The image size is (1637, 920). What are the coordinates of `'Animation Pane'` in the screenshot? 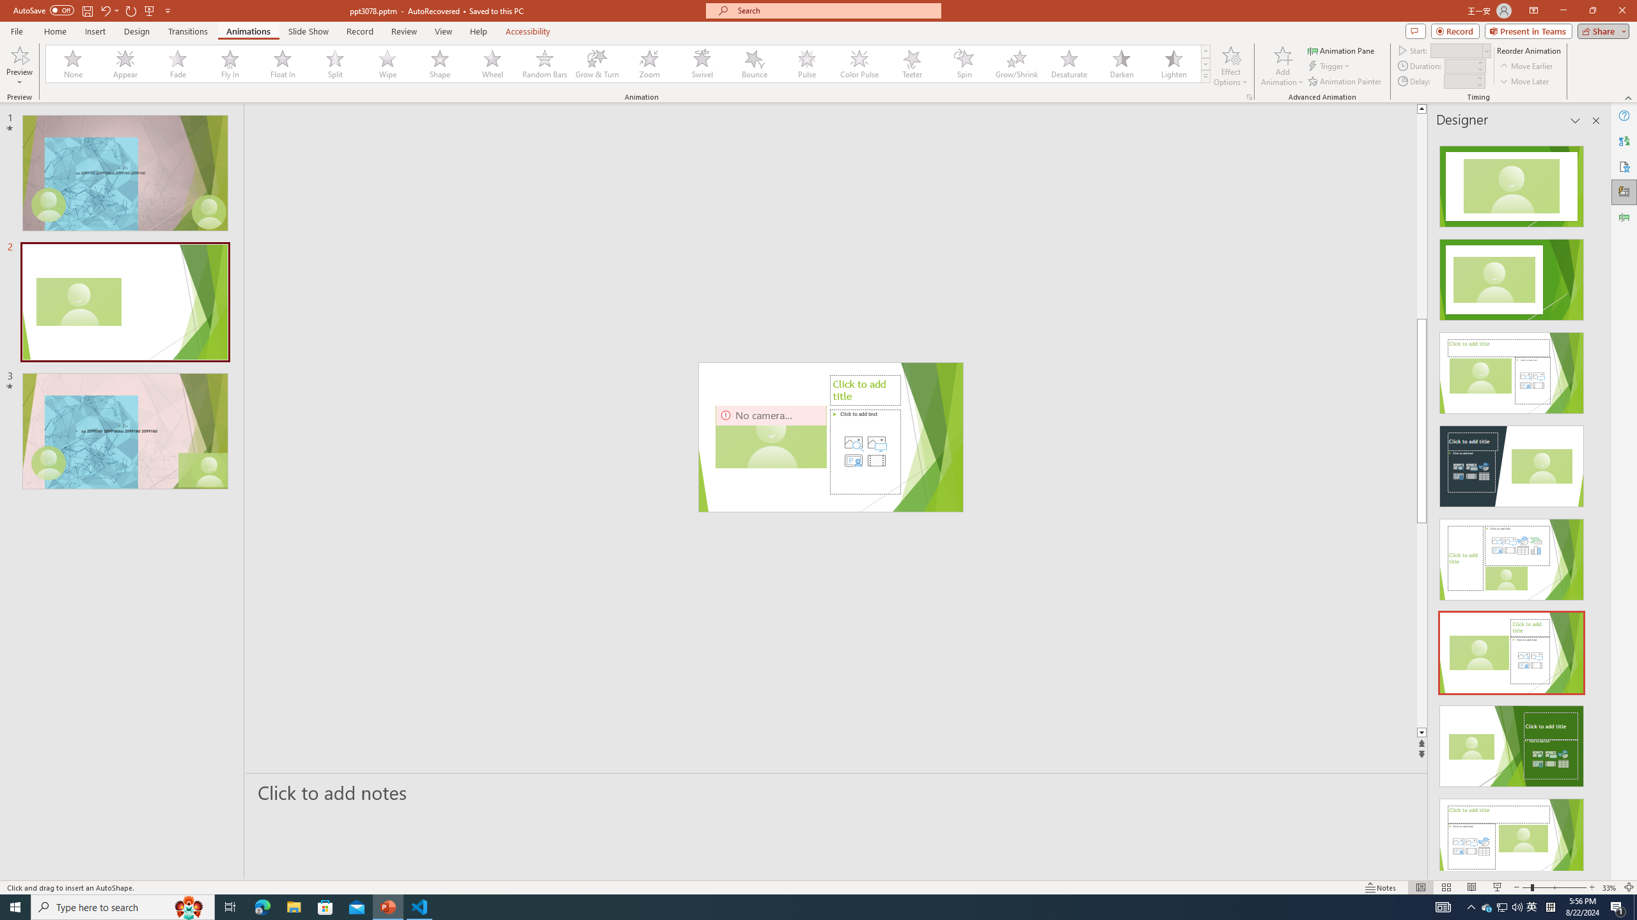 It's located at (1342, 50).